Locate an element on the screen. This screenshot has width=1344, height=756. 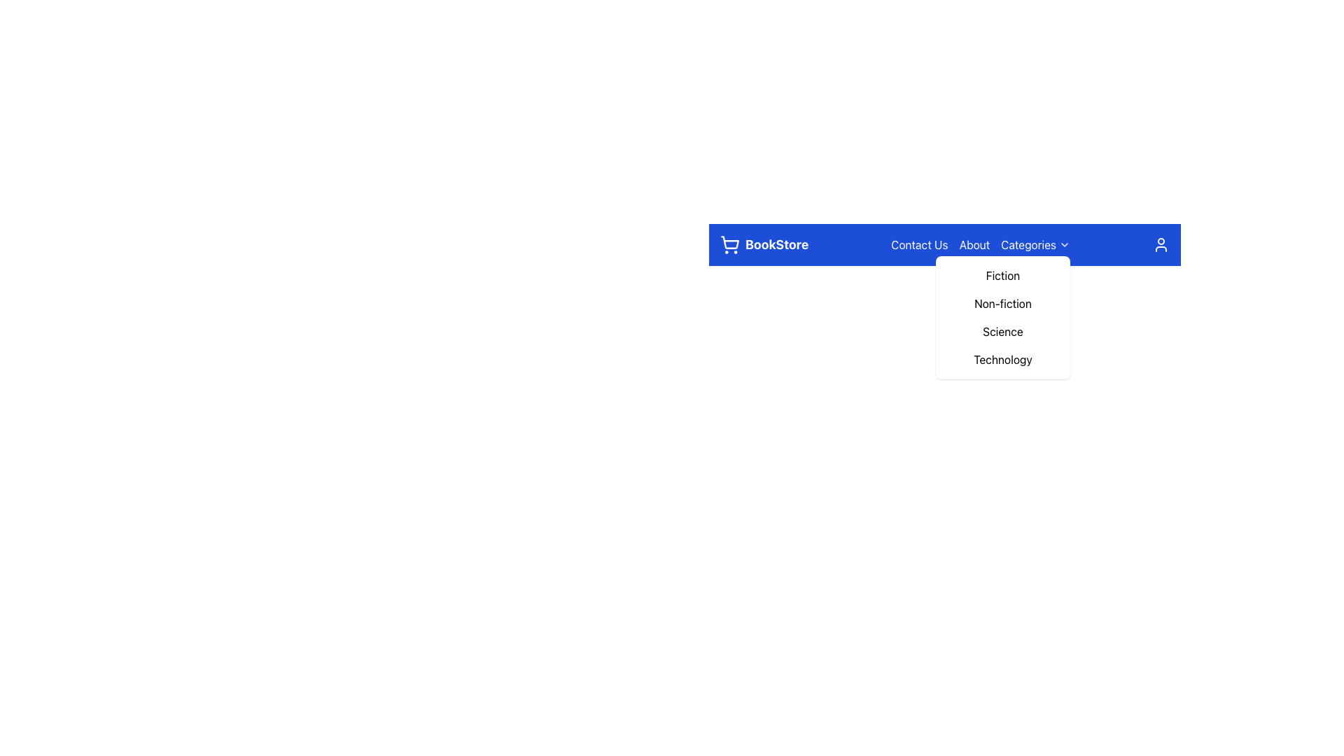
the shopping cart icon located in the upper-left corner of the blue navigation bar, which is part of the group containing the 'BookStore' text is located at coordinates (729, 241).